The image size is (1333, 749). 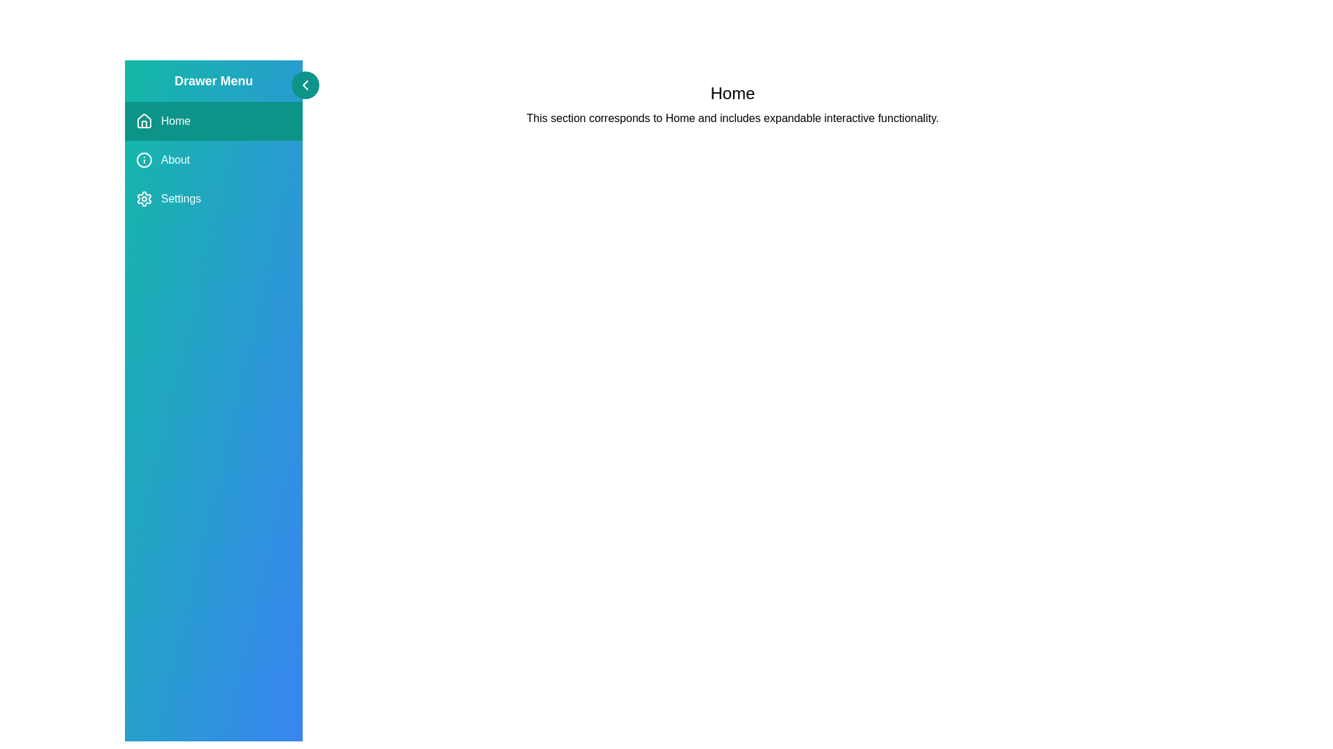 I want to click on the menu option Home by clicking on it, so click(x=212, y=120).